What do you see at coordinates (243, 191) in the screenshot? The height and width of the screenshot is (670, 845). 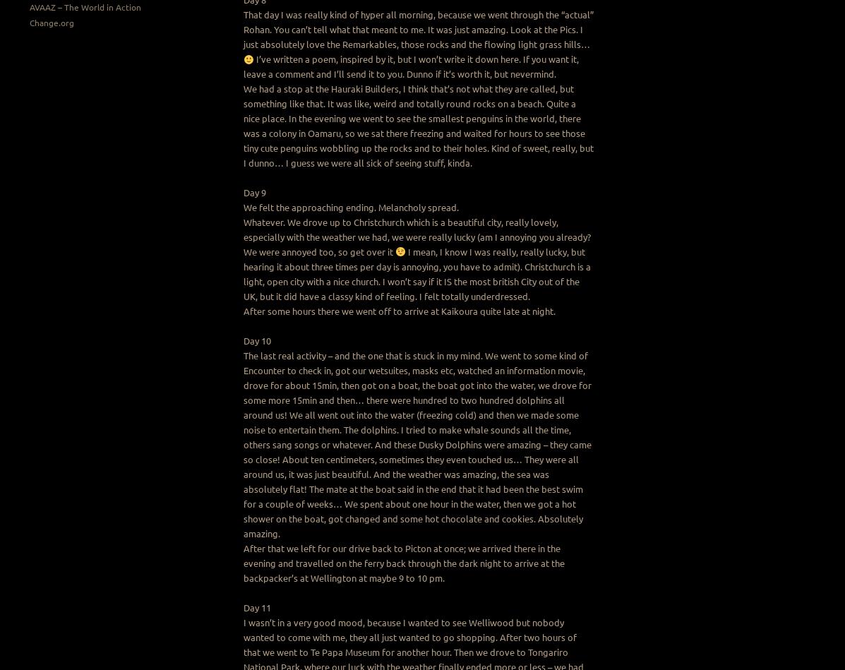 I see `'Day 9'` at bounding box center [243, 191].